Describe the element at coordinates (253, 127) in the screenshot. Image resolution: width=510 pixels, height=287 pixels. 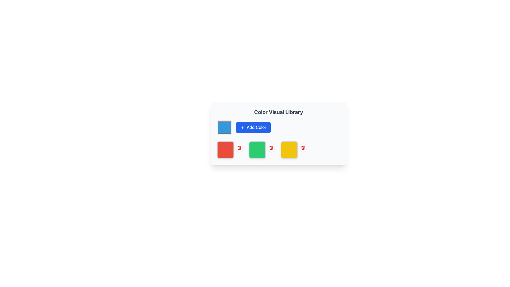
I see `the 'Add Color' button, which is a rectangular button with a blue background and white text, located on the right side of the color picker square` at that location.